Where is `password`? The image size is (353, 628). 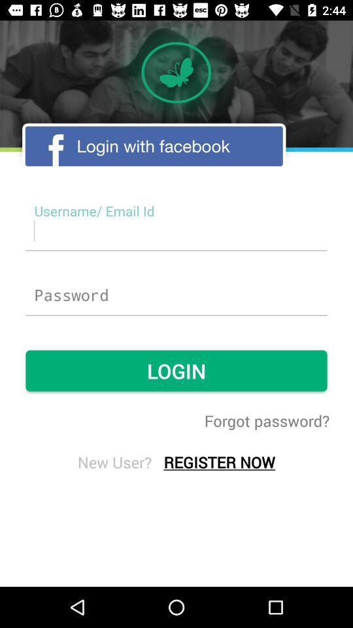 password is located at coordinates (176, 296).